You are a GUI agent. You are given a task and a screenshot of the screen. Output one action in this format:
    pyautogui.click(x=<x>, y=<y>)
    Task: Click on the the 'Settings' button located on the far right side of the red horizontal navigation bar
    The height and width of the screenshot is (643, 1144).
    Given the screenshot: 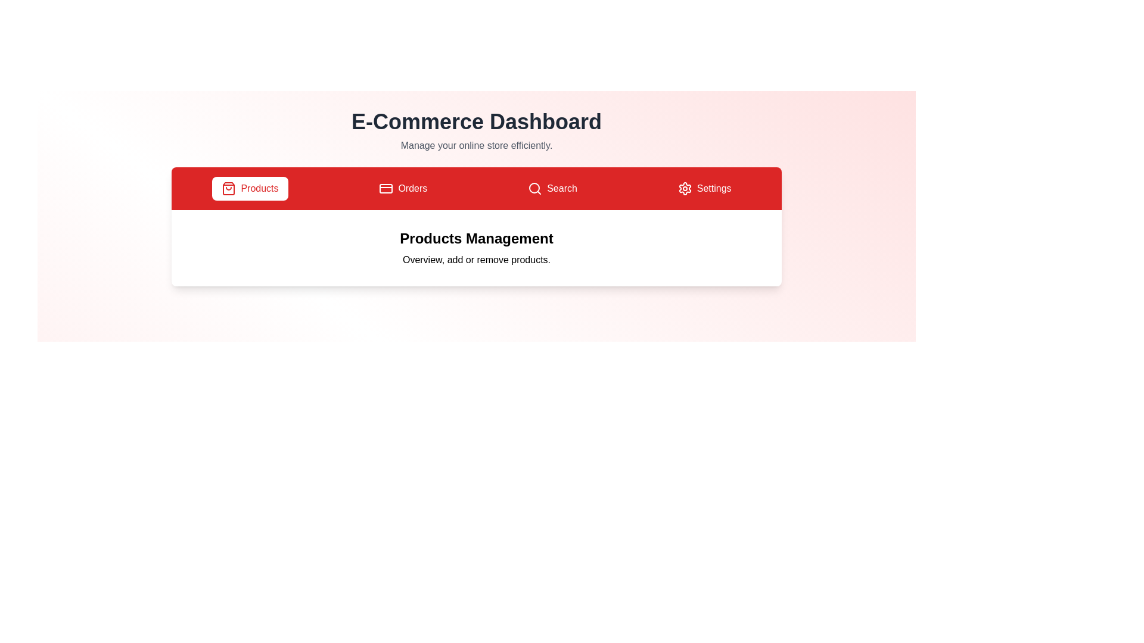 What is the action you would take?
    pyautogui.click(x=704, y=188)
    